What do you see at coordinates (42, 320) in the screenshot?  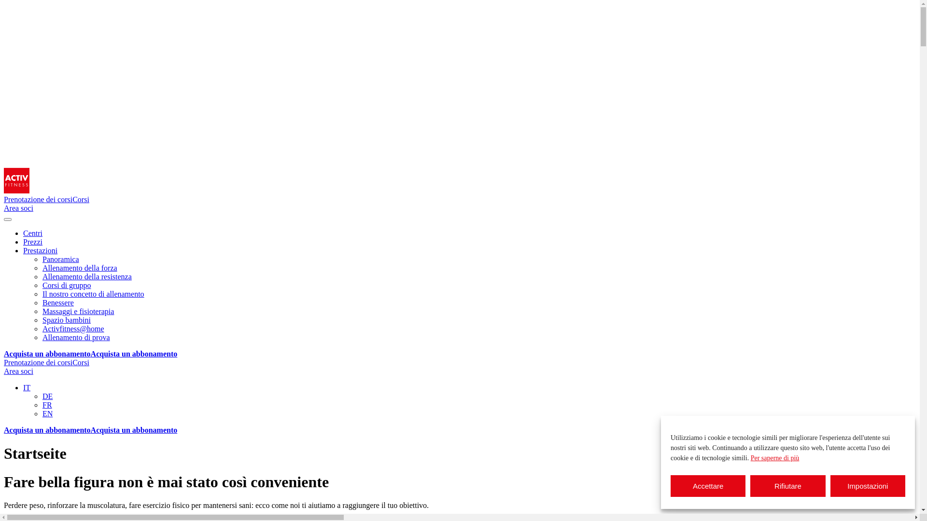 I see `'Spazio bambini'` at bounding box center [42, 320].